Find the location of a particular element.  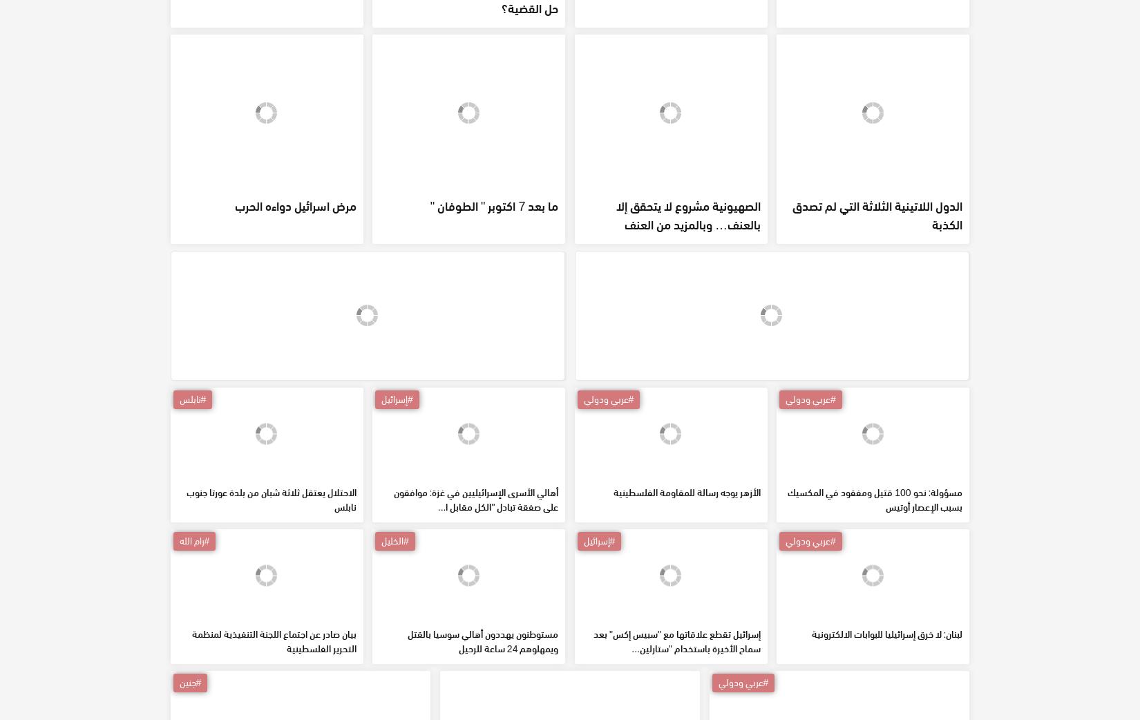

'#رام الله' is located at coordinates (193, 639).